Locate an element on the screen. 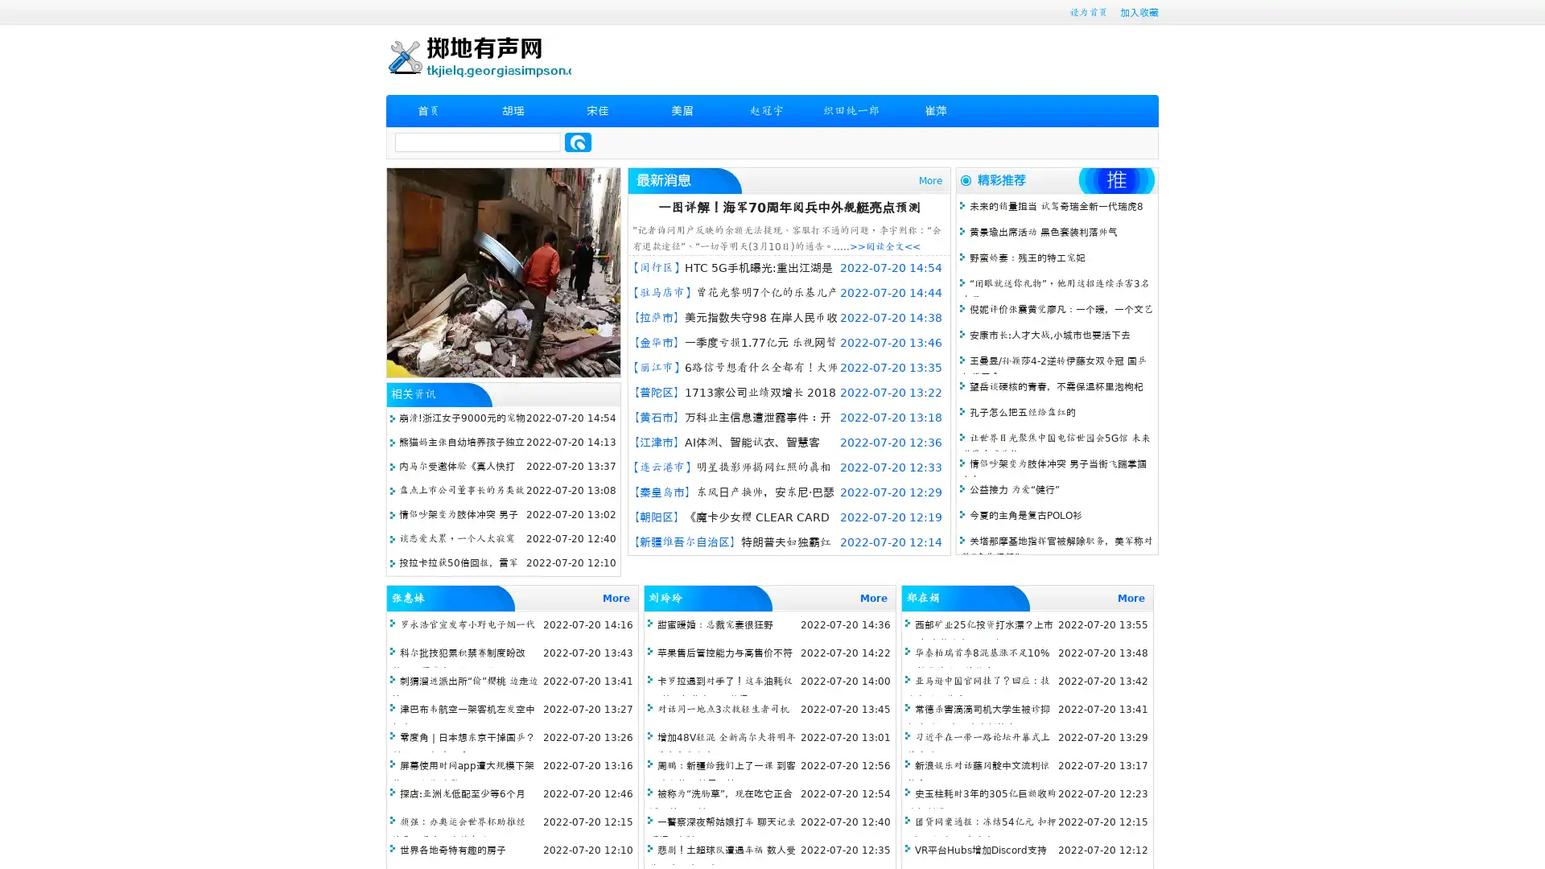 This screenshot has width=1545, height=869. Search is located at coordinates (578, 142).